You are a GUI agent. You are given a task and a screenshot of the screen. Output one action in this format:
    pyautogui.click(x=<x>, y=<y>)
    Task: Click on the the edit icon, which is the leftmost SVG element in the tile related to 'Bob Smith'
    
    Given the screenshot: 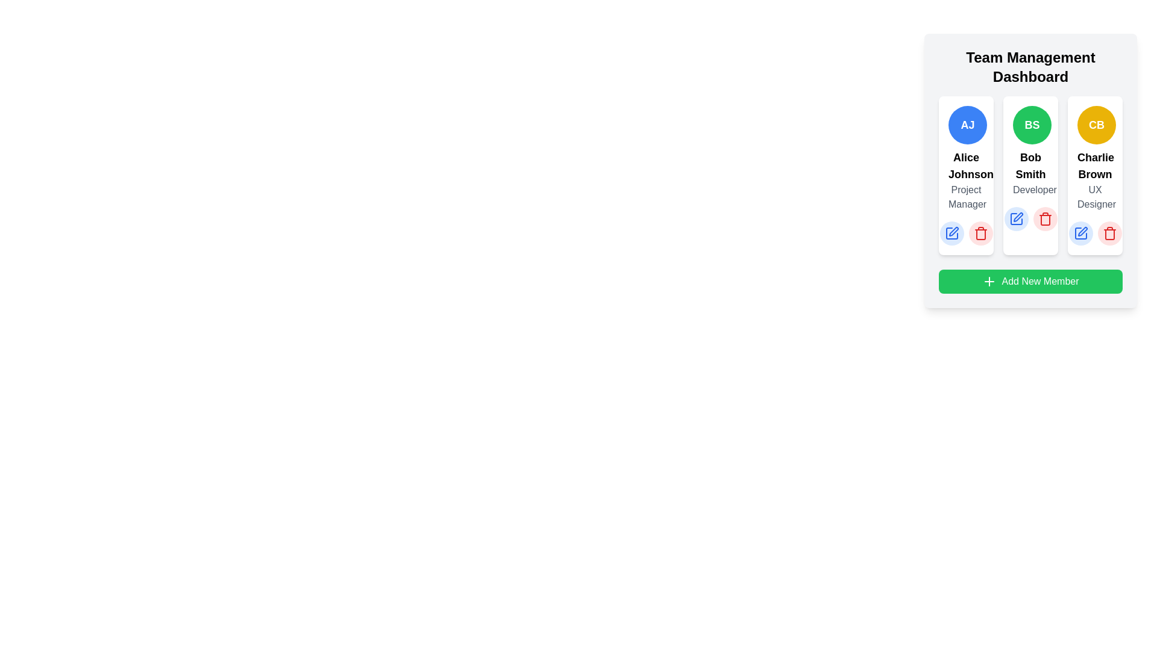 What is the action you would take?
    pyautogui.click(x=951, y=234)
    